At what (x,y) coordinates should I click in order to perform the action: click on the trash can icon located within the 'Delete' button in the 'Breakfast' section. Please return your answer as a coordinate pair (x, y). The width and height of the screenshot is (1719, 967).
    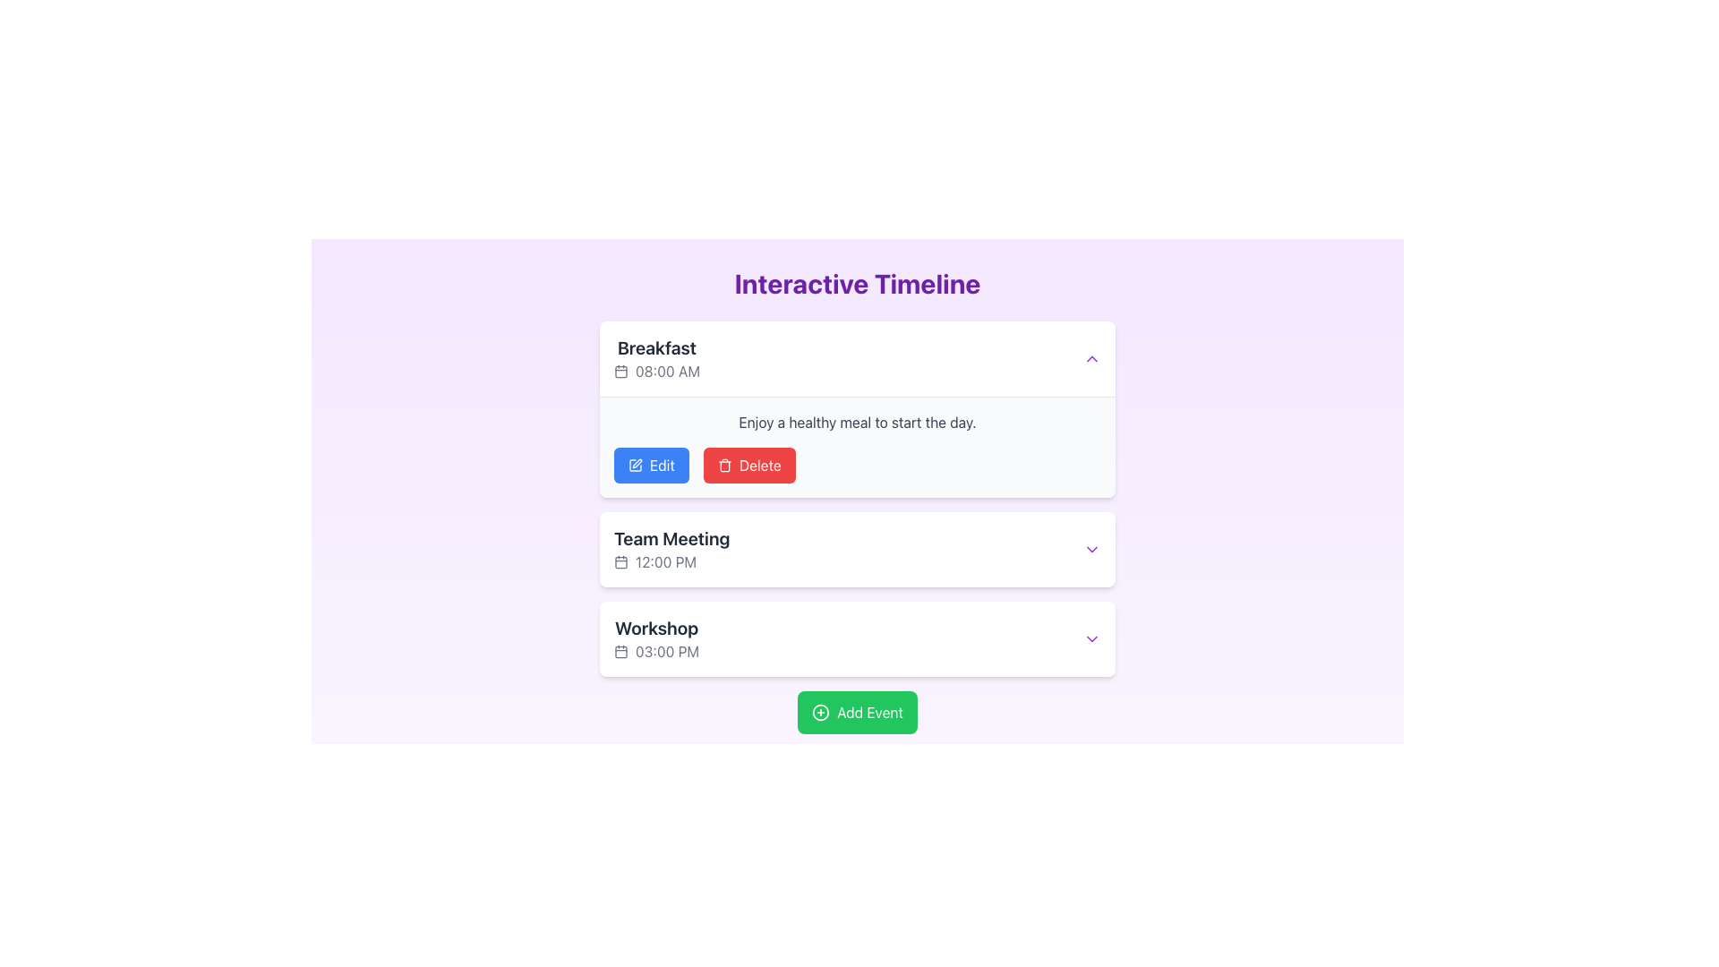
    Looking at the image, I should click on (724, 465).